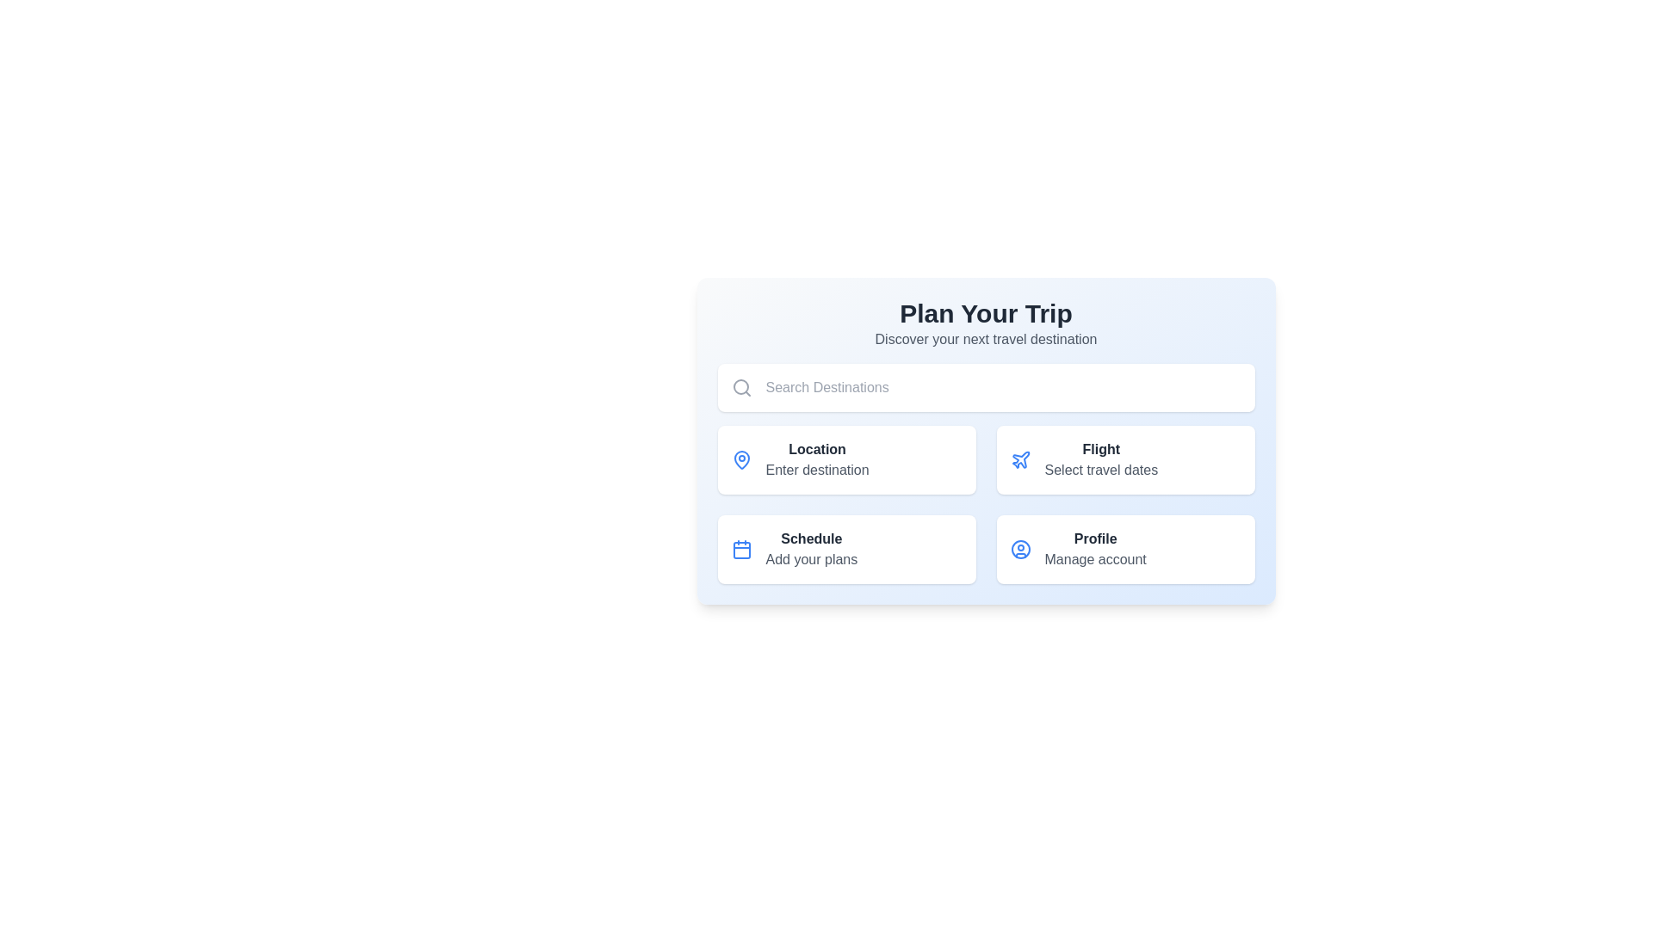  I want to click on textual heading that says 'Plan Your Trip' and 'Discover your next travel destination', which is visually prominent at the top of the main content area, so click(986, 324).